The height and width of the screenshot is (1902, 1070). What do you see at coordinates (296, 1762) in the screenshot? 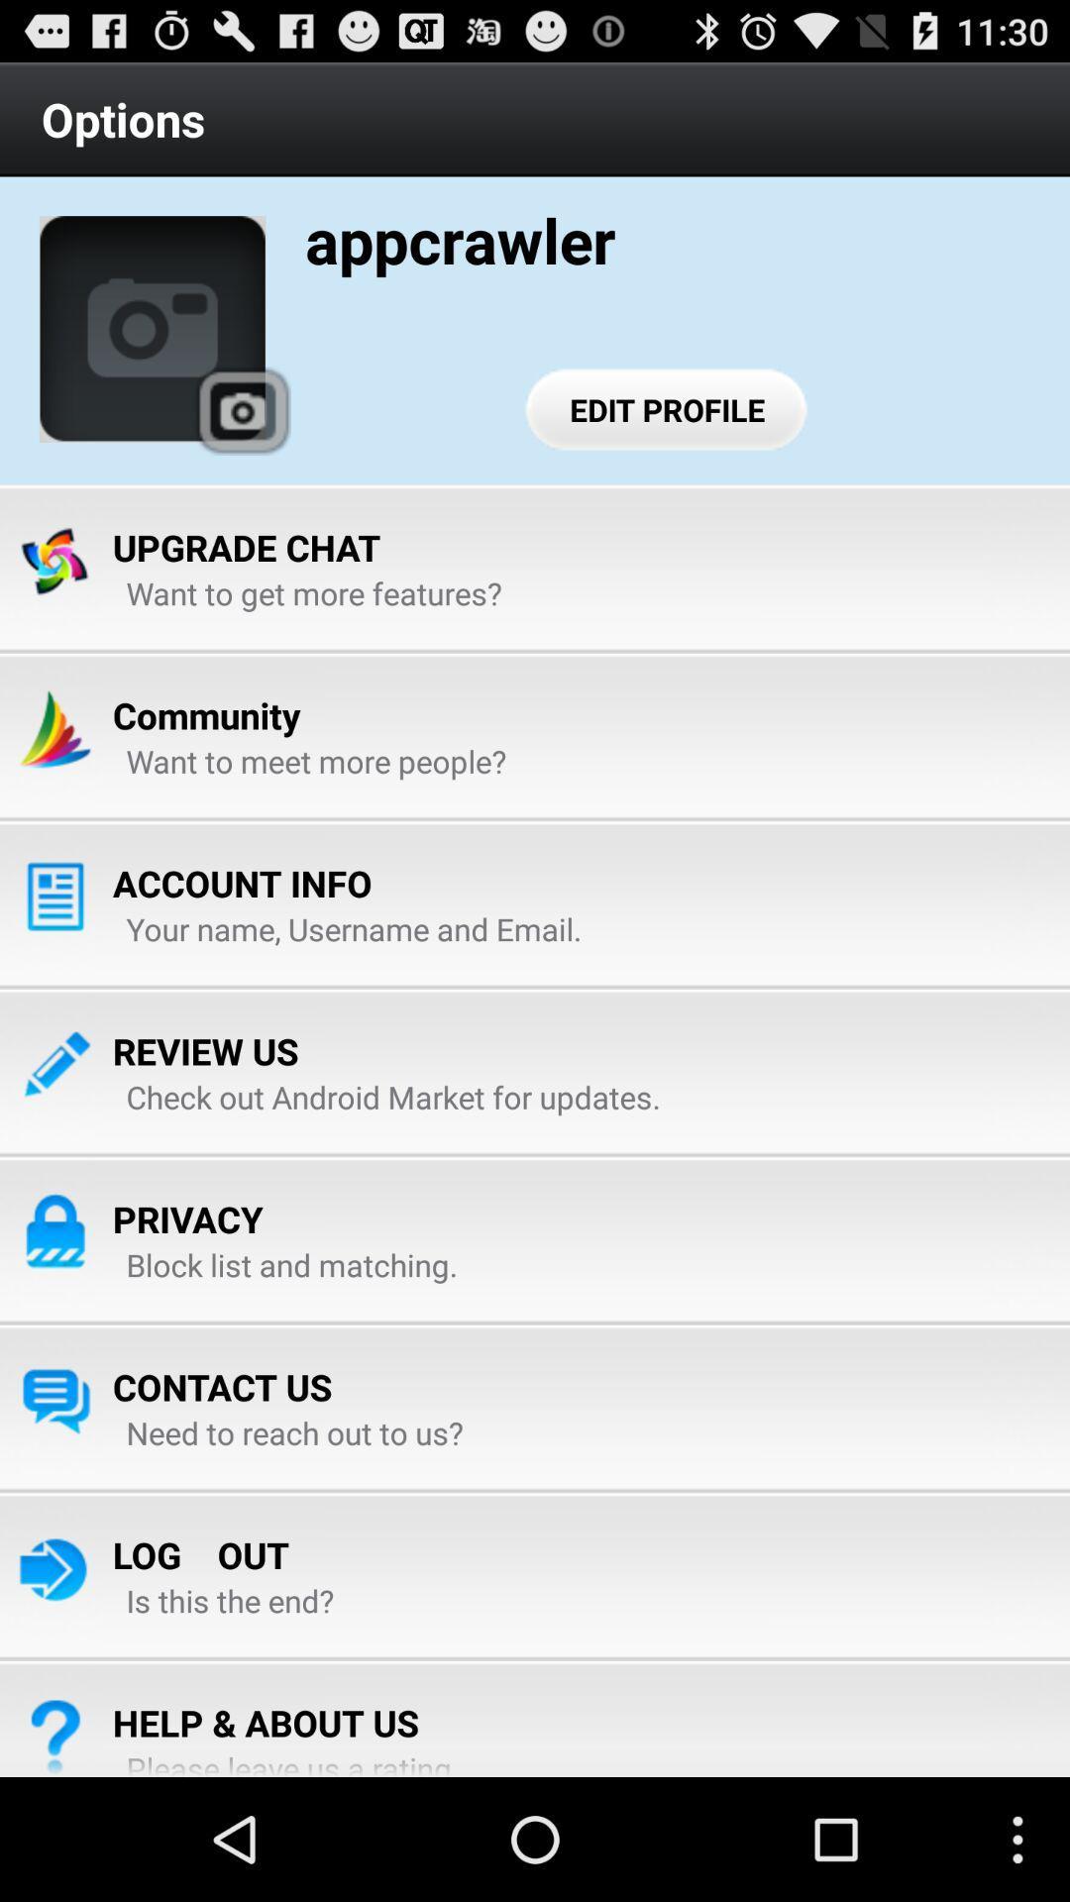
I see `the item below the help & about us icon` at bounding box center [296, 1762].